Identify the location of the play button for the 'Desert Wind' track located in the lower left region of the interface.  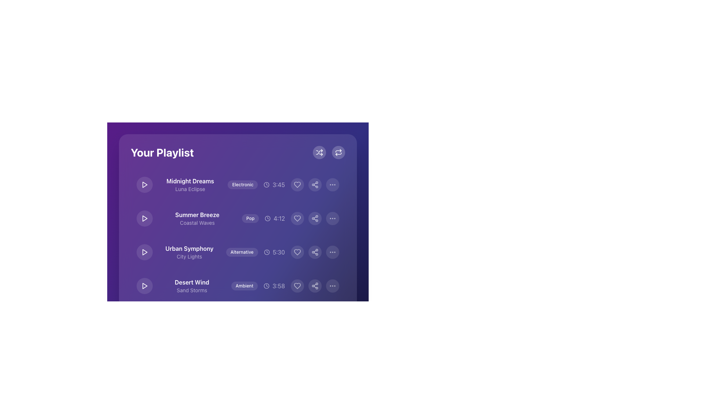
(145, 285).